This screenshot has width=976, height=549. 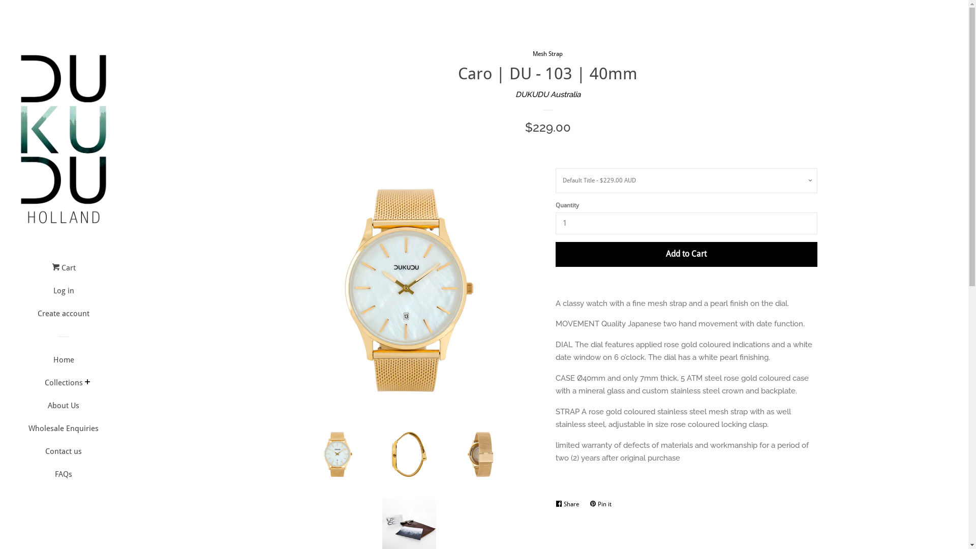 What do you see at coordinates (568, 504) in the screenshot?
I see `'Share` at bounding box center [568, 504].